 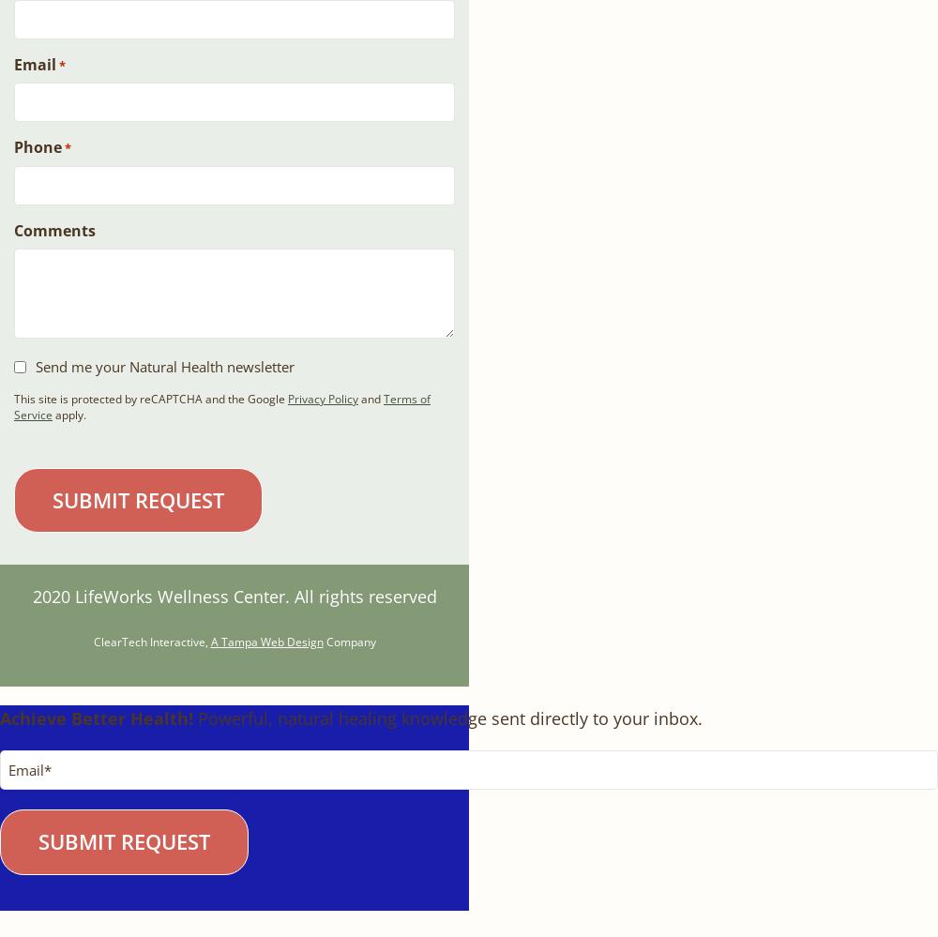 I want to click on '2020 LifeWorks Wellness Center. All rights reserved', so click(x=233, y=594).